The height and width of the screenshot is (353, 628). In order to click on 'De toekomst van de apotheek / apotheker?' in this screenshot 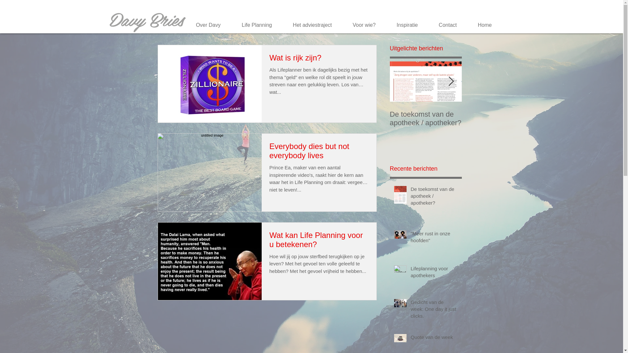, I will do `click(426, 118)`.